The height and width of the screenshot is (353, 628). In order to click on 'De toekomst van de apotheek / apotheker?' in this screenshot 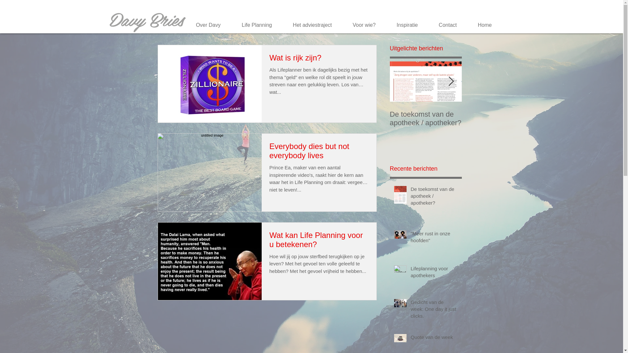, I will do `click(426, 118)`.